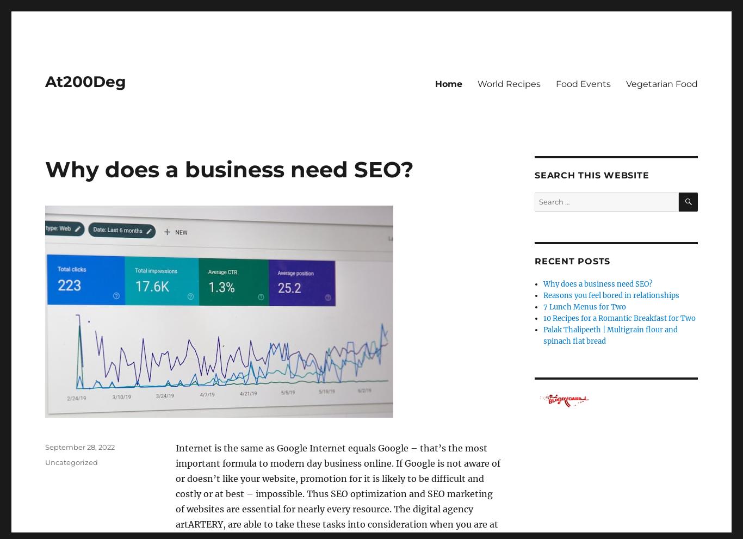 Image resolution: width=743 pixels, height=539 pixels. Describe the element at coordinates (584, 306) in the screenshot. I see `'7 Lunch Menus for Two'` at that location.